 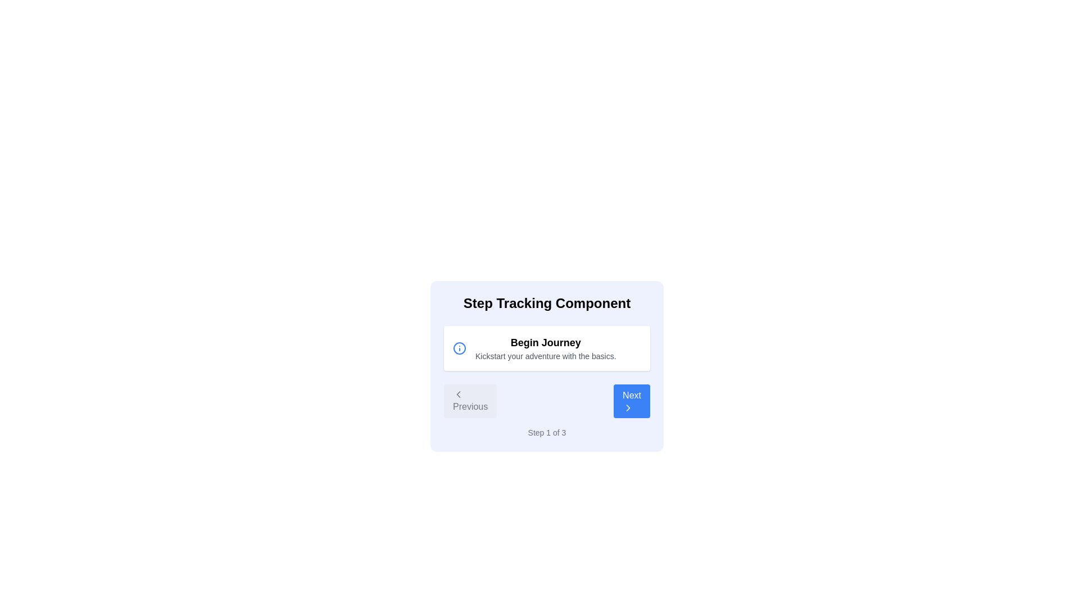 I want to click on the left-pointing arrow icon inside the 'Previous' button, so click(x=459, y=394).